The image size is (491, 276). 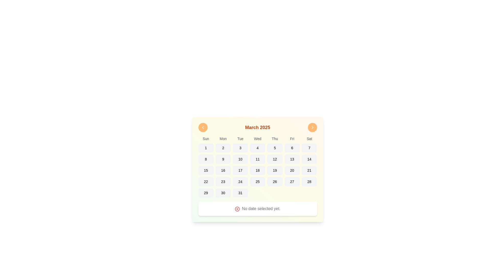 I want to click on the selectable date '19' button in the calendar interface to change the background color, so click(x=275, y=170).